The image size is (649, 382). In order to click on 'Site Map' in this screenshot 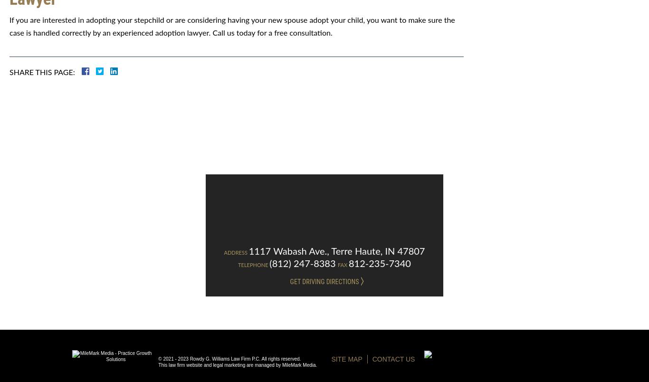, I will do `click(346, 359)`.